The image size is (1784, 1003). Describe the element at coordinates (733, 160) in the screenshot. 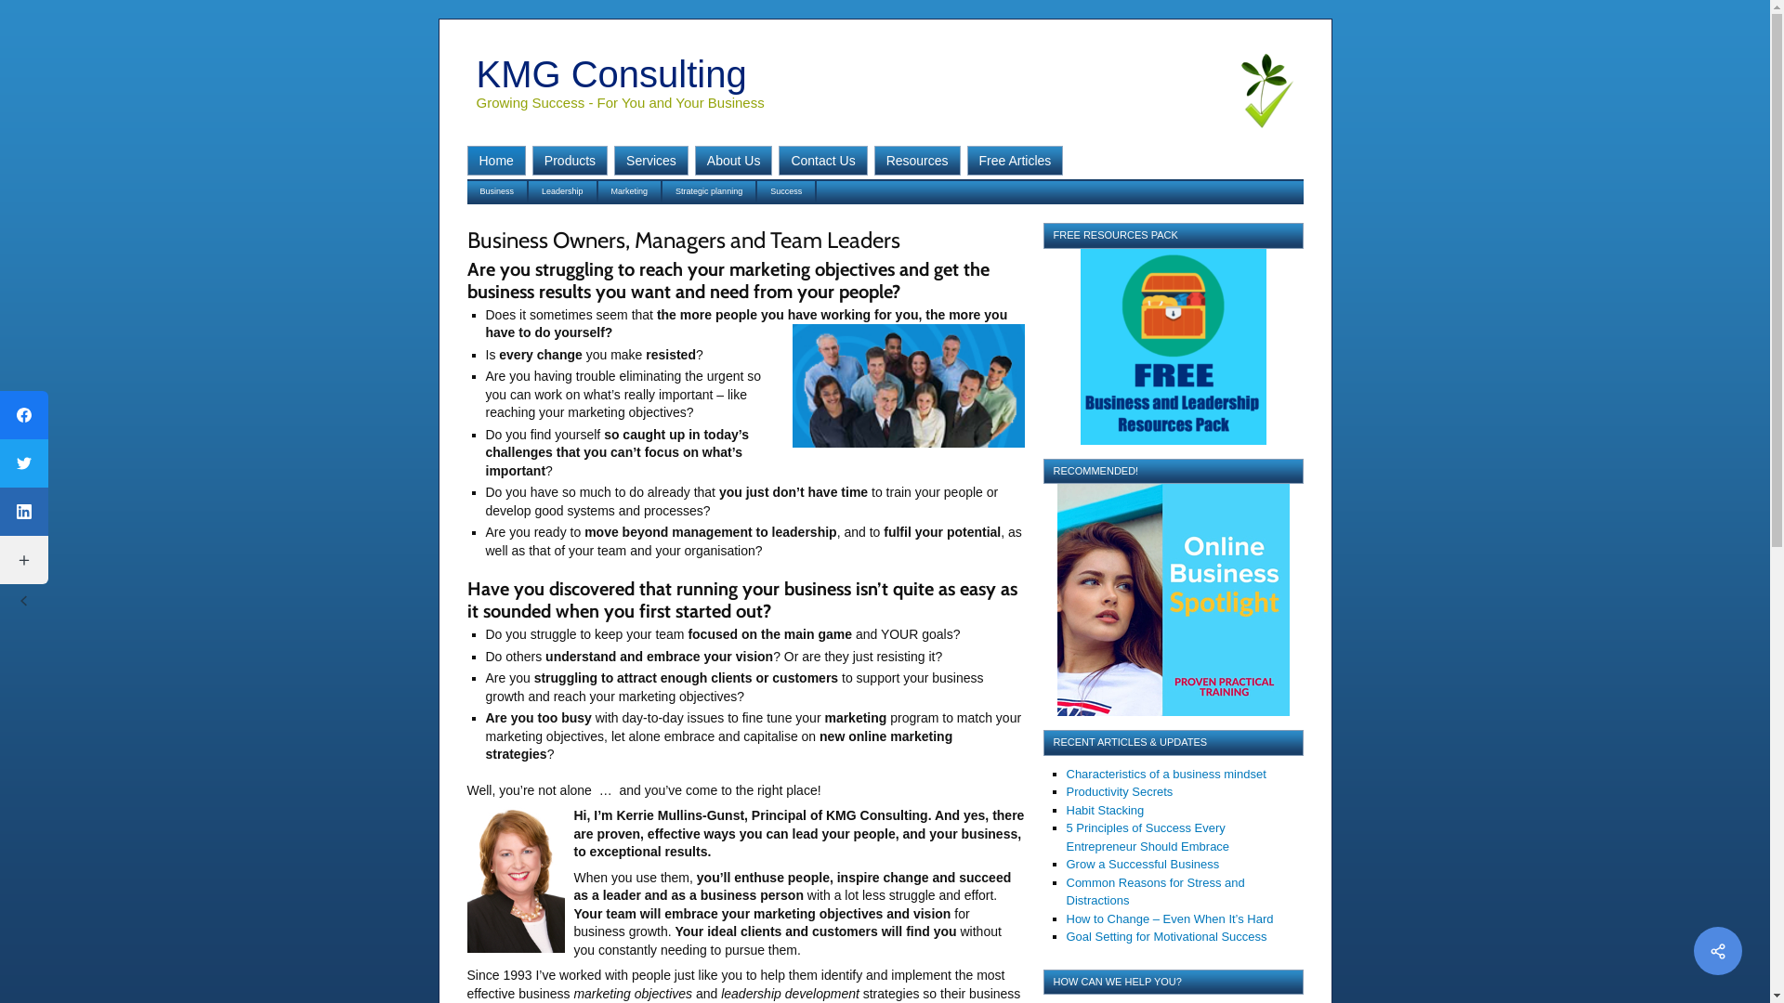

I see `'About Us'` at that location.